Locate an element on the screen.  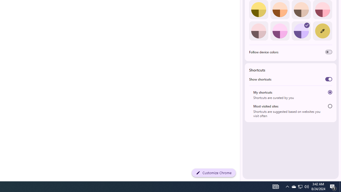
'Customize Chrome' is located at coordinates (213, 173).